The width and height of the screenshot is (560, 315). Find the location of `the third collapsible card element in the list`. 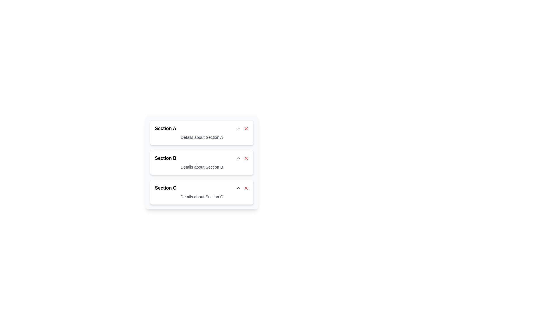

the third collapsible card element in the list is located at coordinates (202, 192).